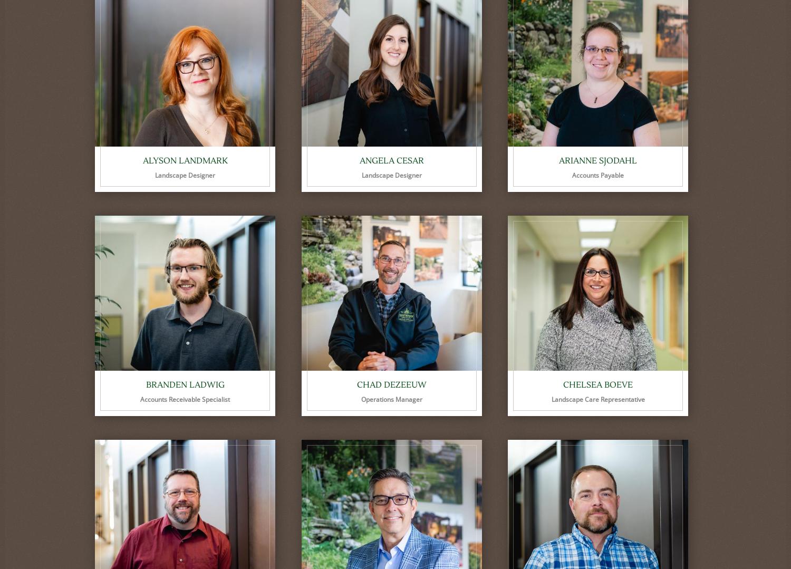 The width and height of the screenshot is (791, 569). I want to click on 'Angela Cesar', so click(391, 160).